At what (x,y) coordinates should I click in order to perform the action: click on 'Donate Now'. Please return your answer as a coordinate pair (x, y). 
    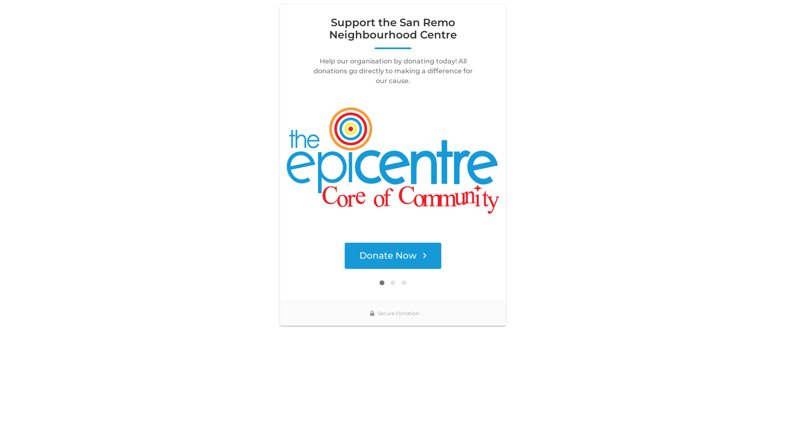
    Looking at the image, I should click on (393, 255).